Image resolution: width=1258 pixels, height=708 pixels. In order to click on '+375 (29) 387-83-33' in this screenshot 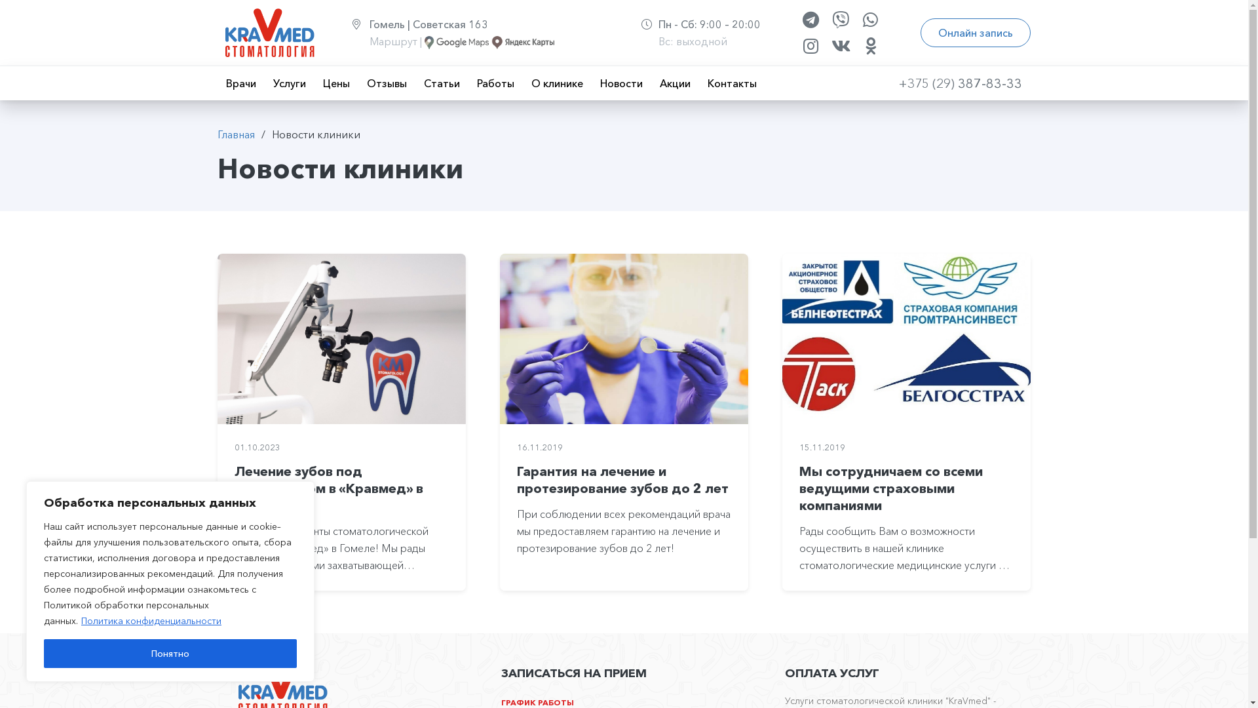, I will do `click(960, 83)`.